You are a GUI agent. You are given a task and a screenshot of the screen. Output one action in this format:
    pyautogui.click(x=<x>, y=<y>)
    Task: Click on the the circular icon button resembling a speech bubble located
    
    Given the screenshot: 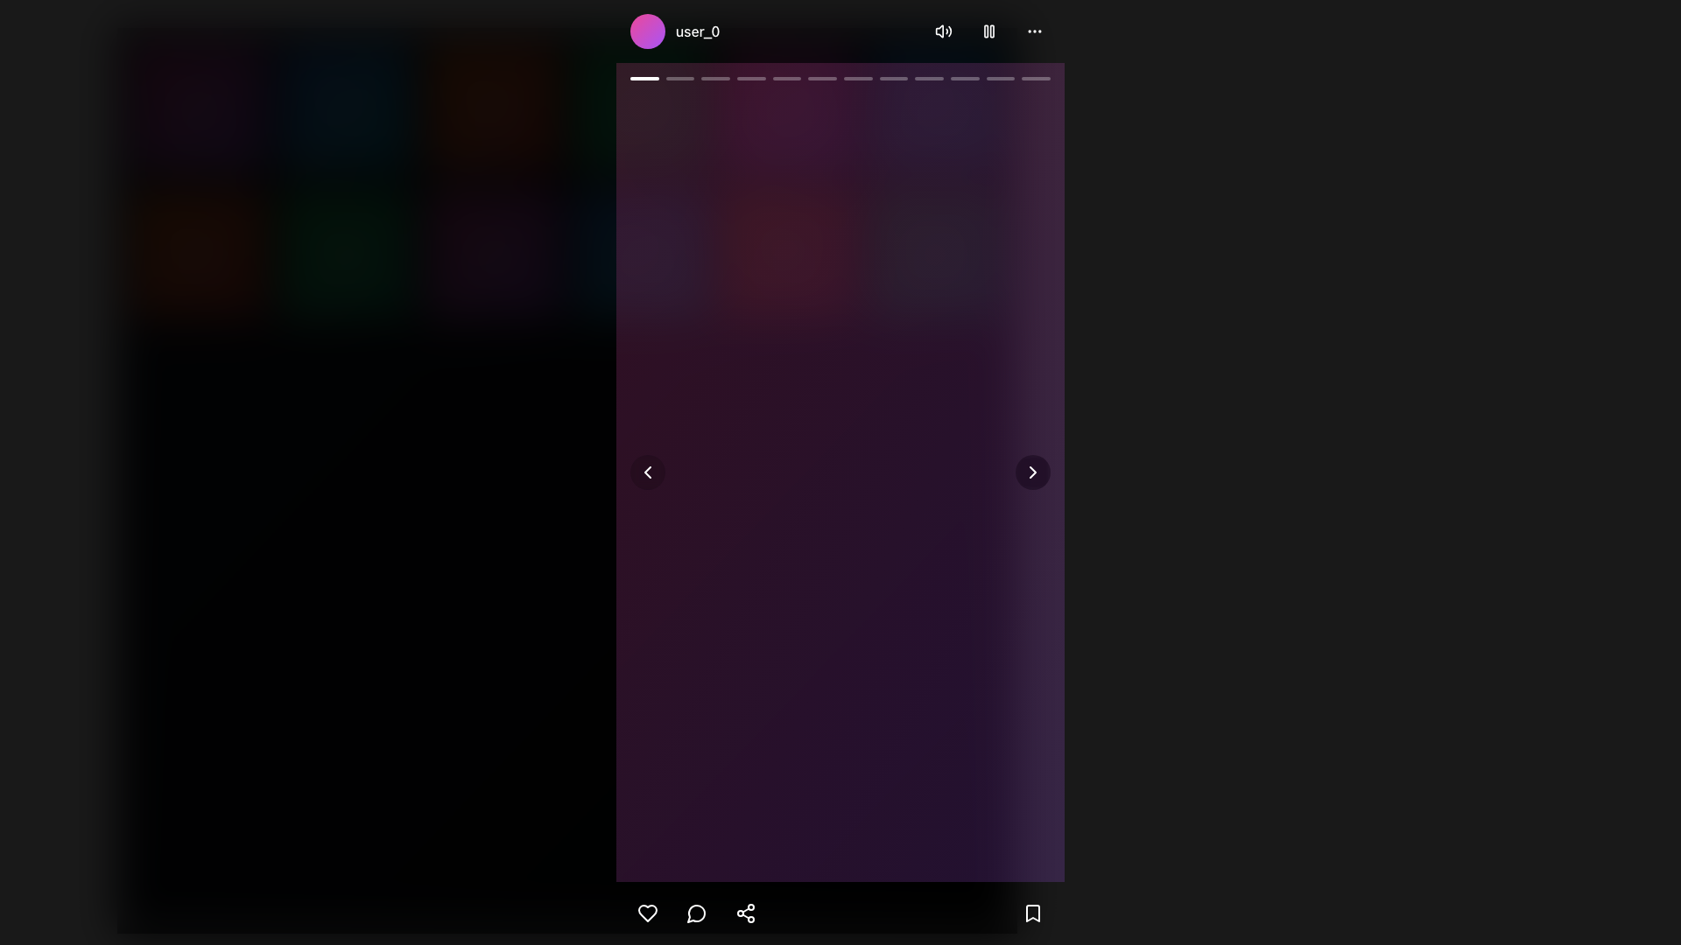 What is the action you would take?
    pyautogui.click(x=696, y=913)
    